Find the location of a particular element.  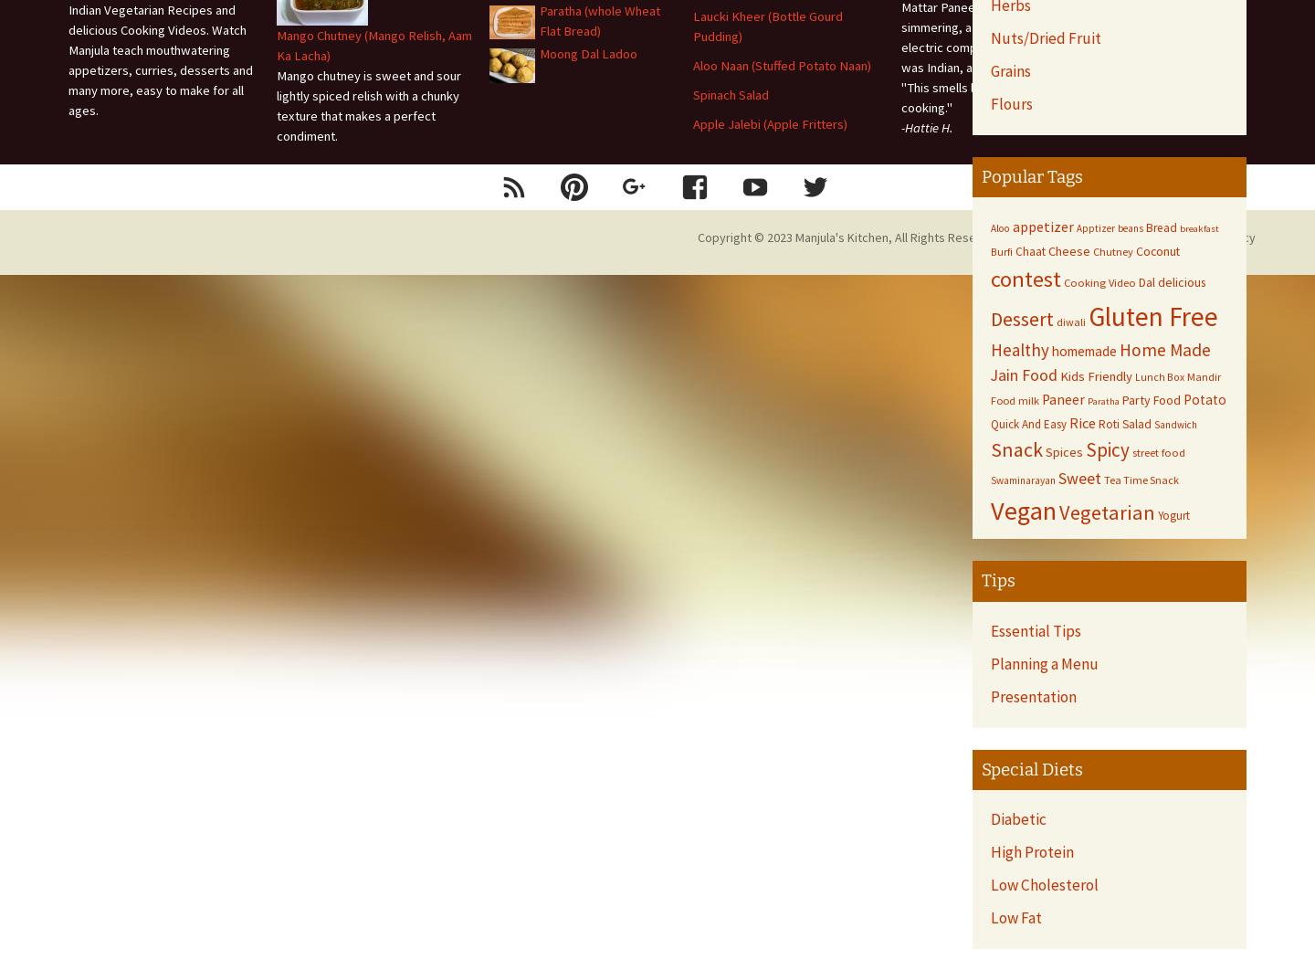

'Mango chutney is sweet and sour lightly spiced relish with a chunky texture that makes a perfect condiment.' is located at coordinates (368, 105).